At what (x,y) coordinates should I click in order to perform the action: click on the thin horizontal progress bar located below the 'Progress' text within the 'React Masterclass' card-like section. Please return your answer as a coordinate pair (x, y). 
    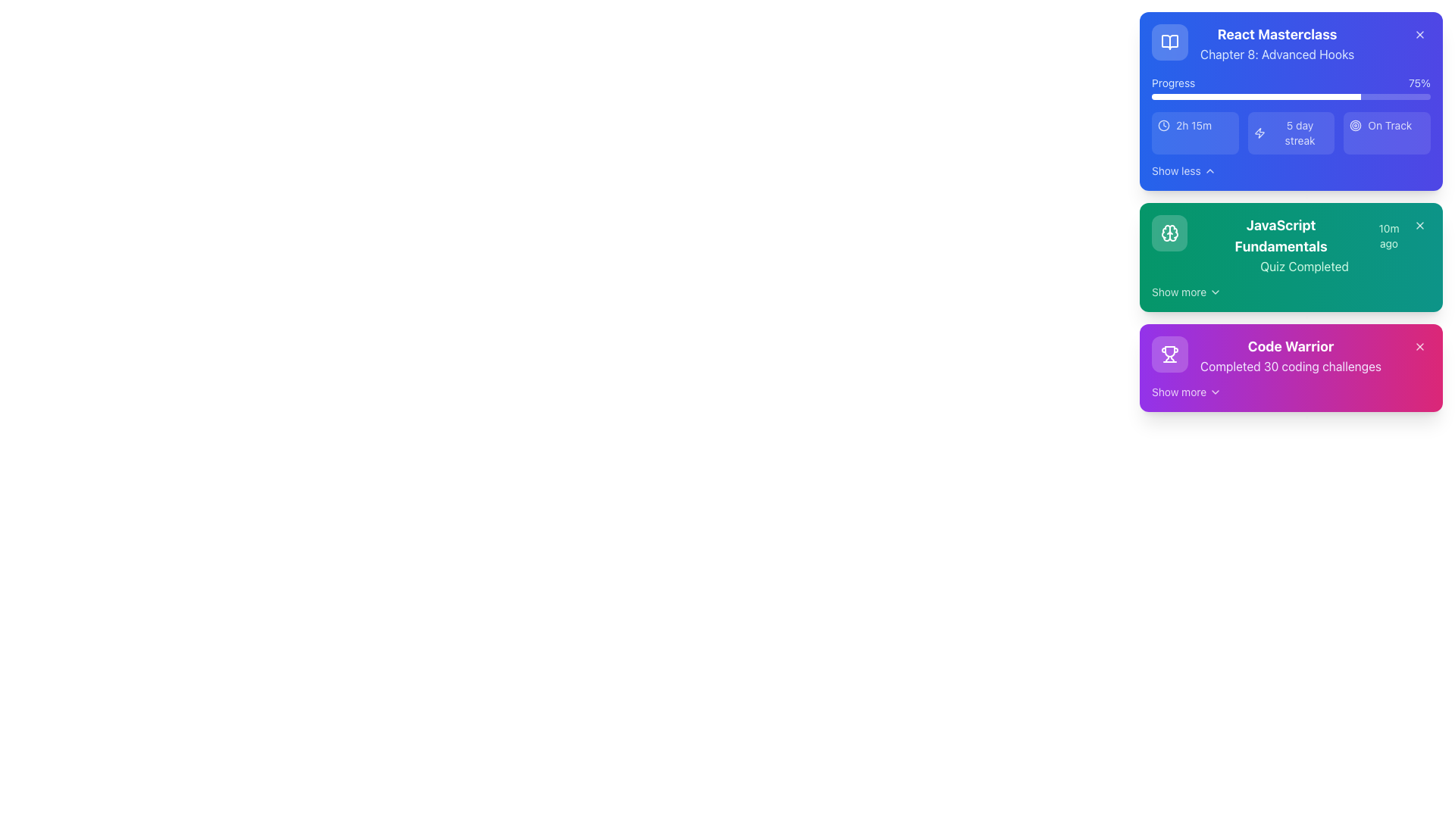
    Looking at the image, I should click on (1291, 96).